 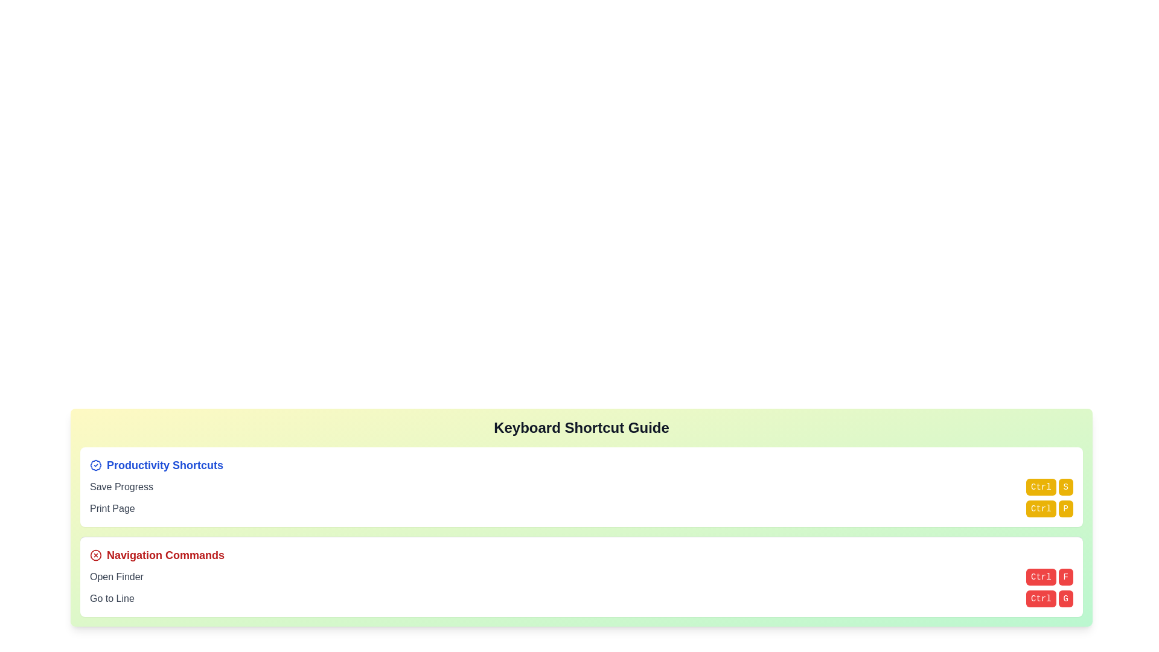 I want to click on the 'Open Finder' text label located in the 'Navigation Commands' section, positioned to the left of the shortcut instructions (Ctrl and F keys), so click(x=117, y=577).